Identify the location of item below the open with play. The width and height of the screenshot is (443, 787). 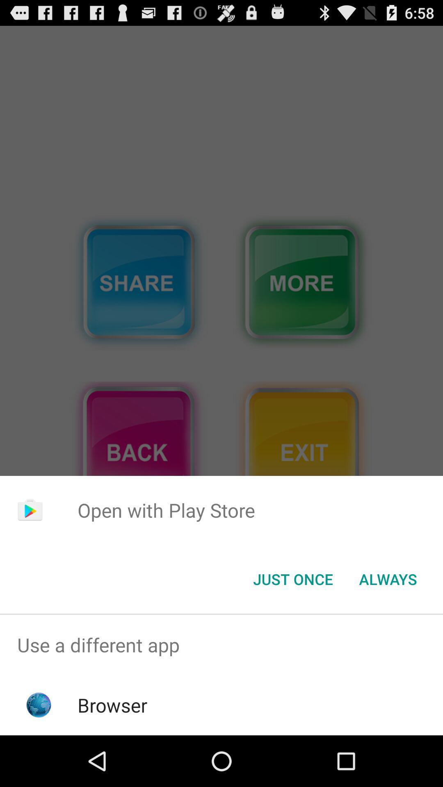
(388, 578).